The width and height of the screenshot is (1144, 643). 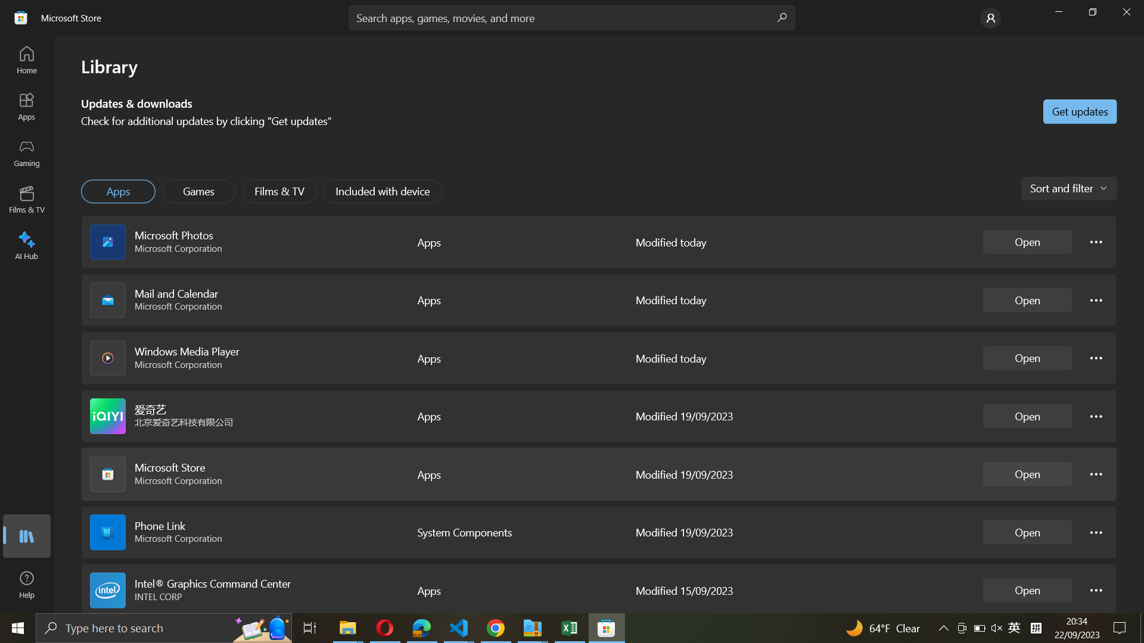 I want to click on Intel Graphics configuration options, so click(x=1096, y=590).